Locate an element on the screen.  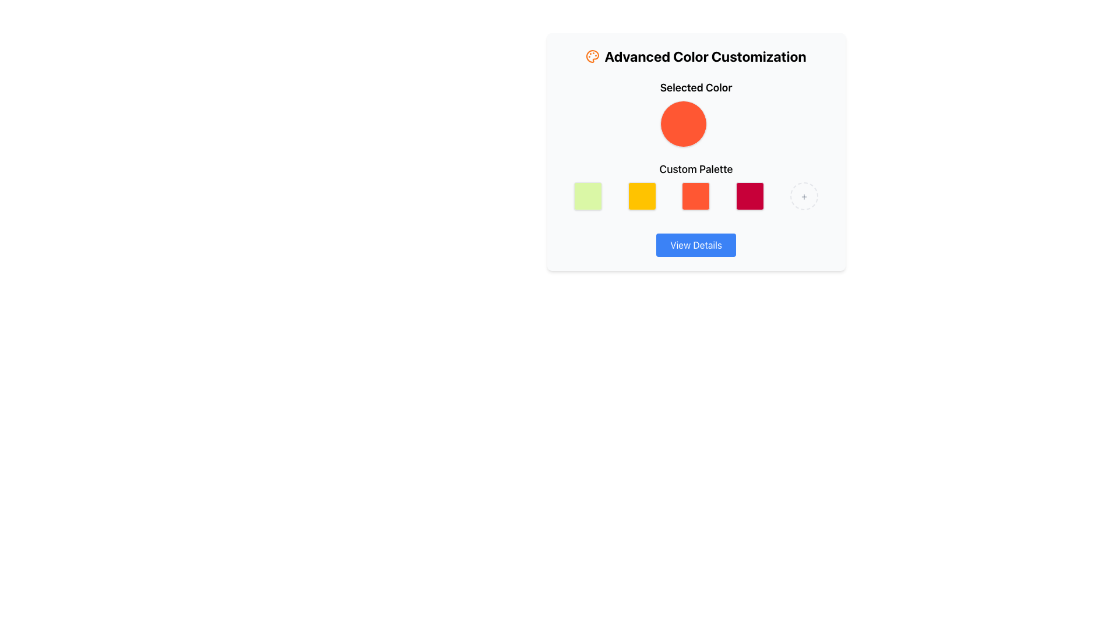
the color indicator label located centrally below the heading 'Advanced Color Customization' and above the 'Custom Palette' section is located at coordinates (696, 114).